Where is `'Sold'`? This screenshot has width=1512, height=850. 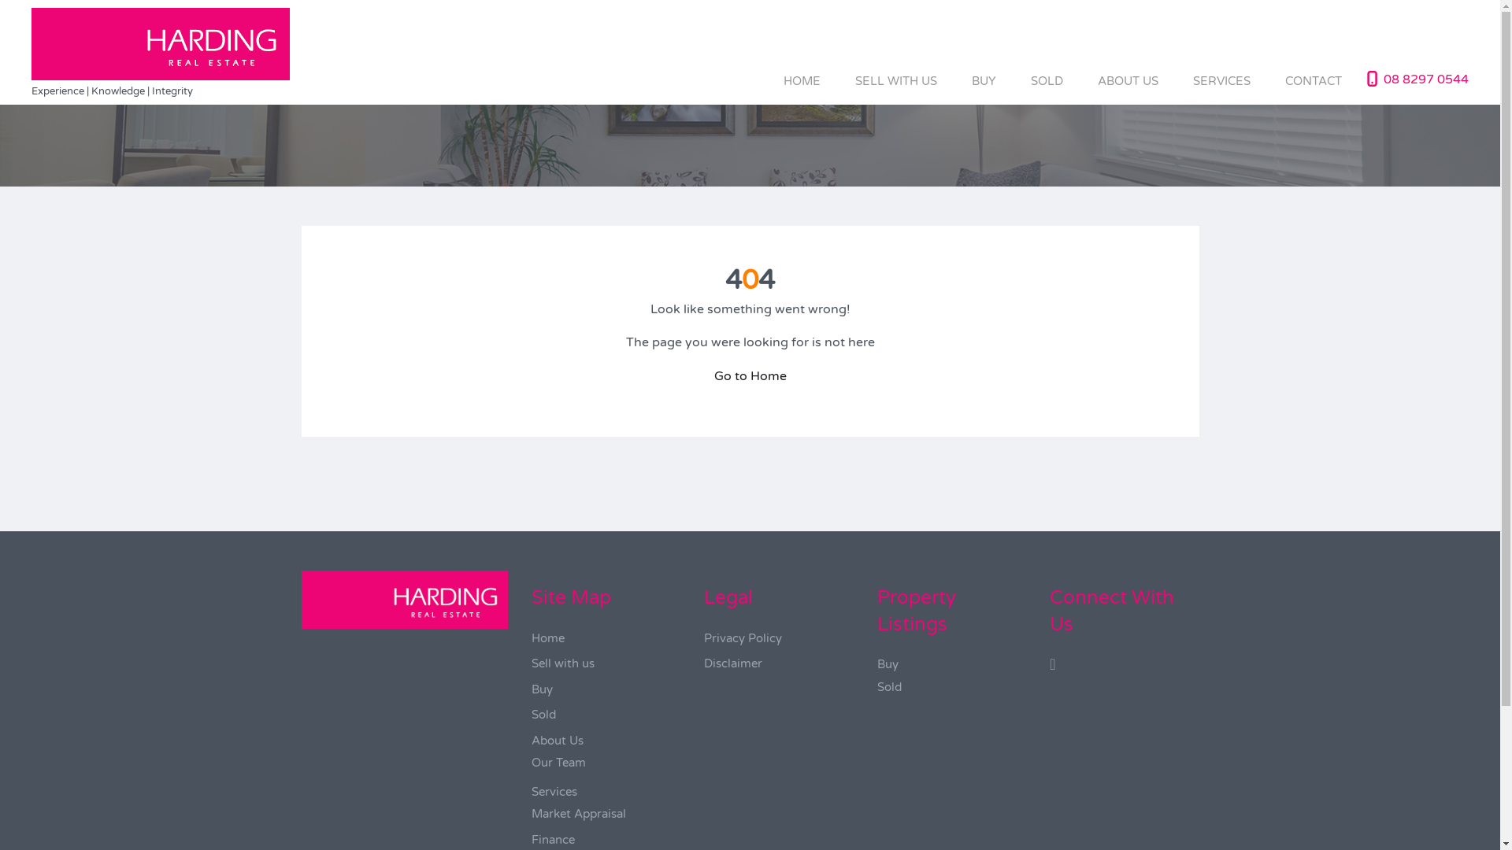 'Sold' is located at coordinates (543, 714).